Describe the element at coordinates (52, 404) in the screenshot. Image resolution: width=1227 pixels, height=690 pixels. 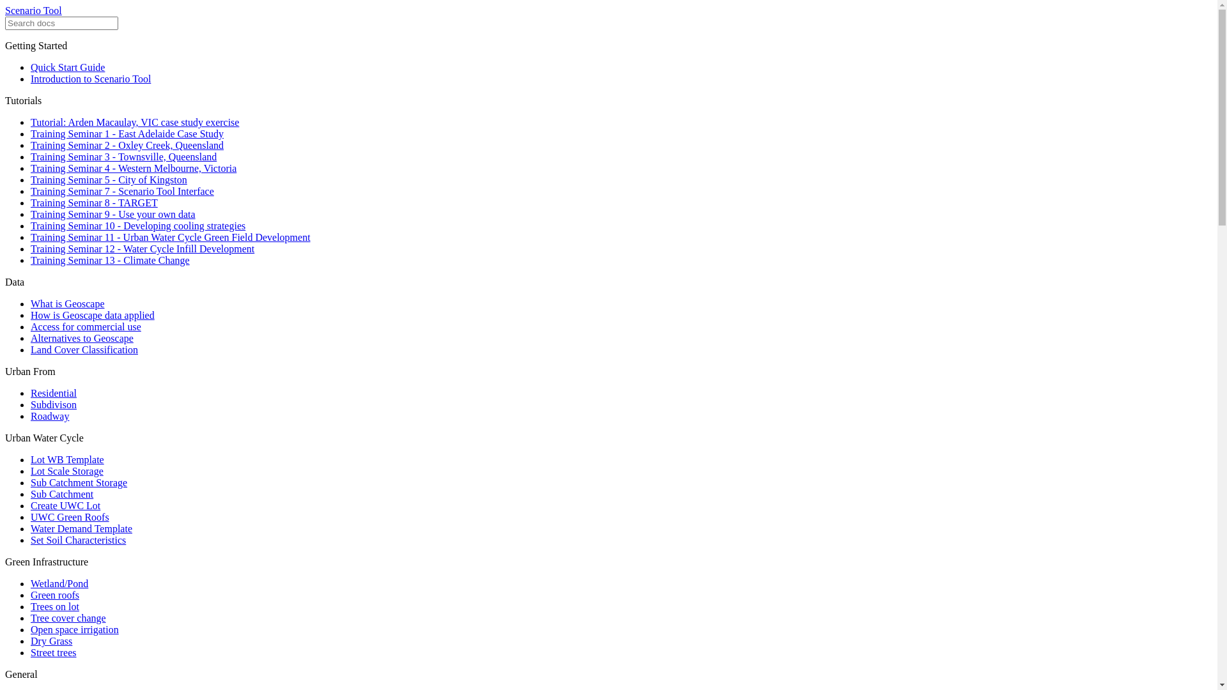
I see `'Subdivison'` at that location.